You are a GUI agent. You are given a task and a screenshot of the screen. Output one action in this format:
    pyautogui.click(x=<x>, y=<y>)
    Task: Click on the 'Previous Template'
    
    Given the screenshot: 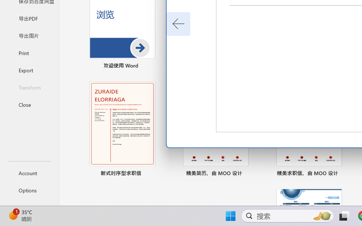 What is the action you would take?
    pyautogui.click(x=178, y=24)
    